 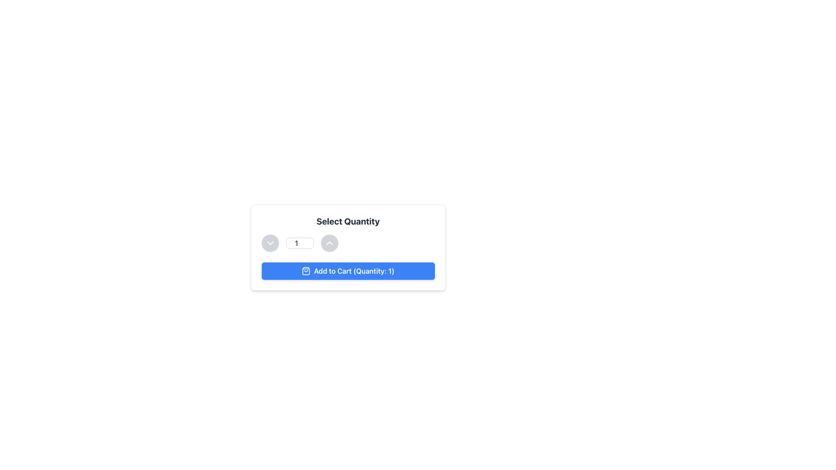 I want to click on the blue 'Add to Cart' button which contains the decorative icon representing the action of adding items to the shopping cart, so click(x=306, y=271).